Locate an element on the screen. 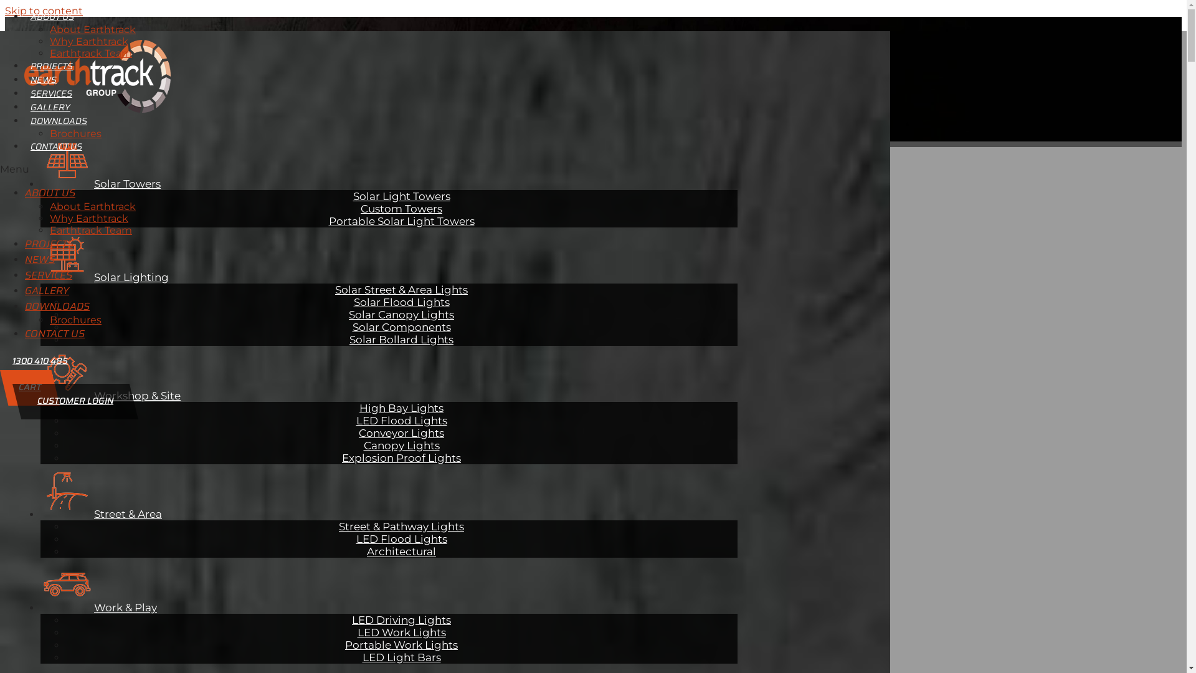  'Solar Canopy Lights' is located at coordinates (343, 313).